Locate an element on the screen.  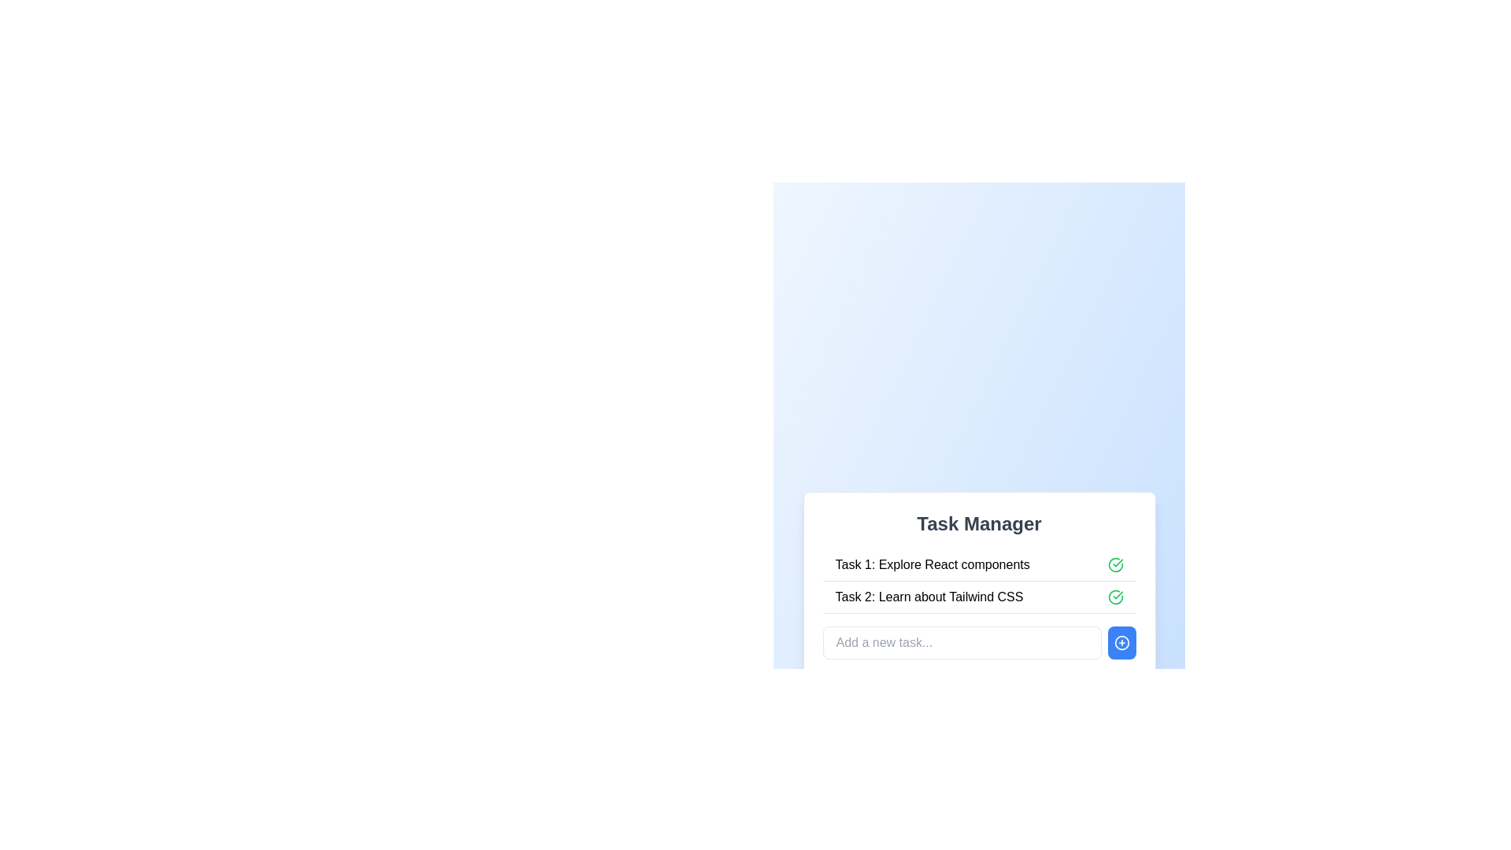
the text input field labeled 'Add a new task...' located at the bottom of the task manager card for typing is located at coordinates (978, 643).